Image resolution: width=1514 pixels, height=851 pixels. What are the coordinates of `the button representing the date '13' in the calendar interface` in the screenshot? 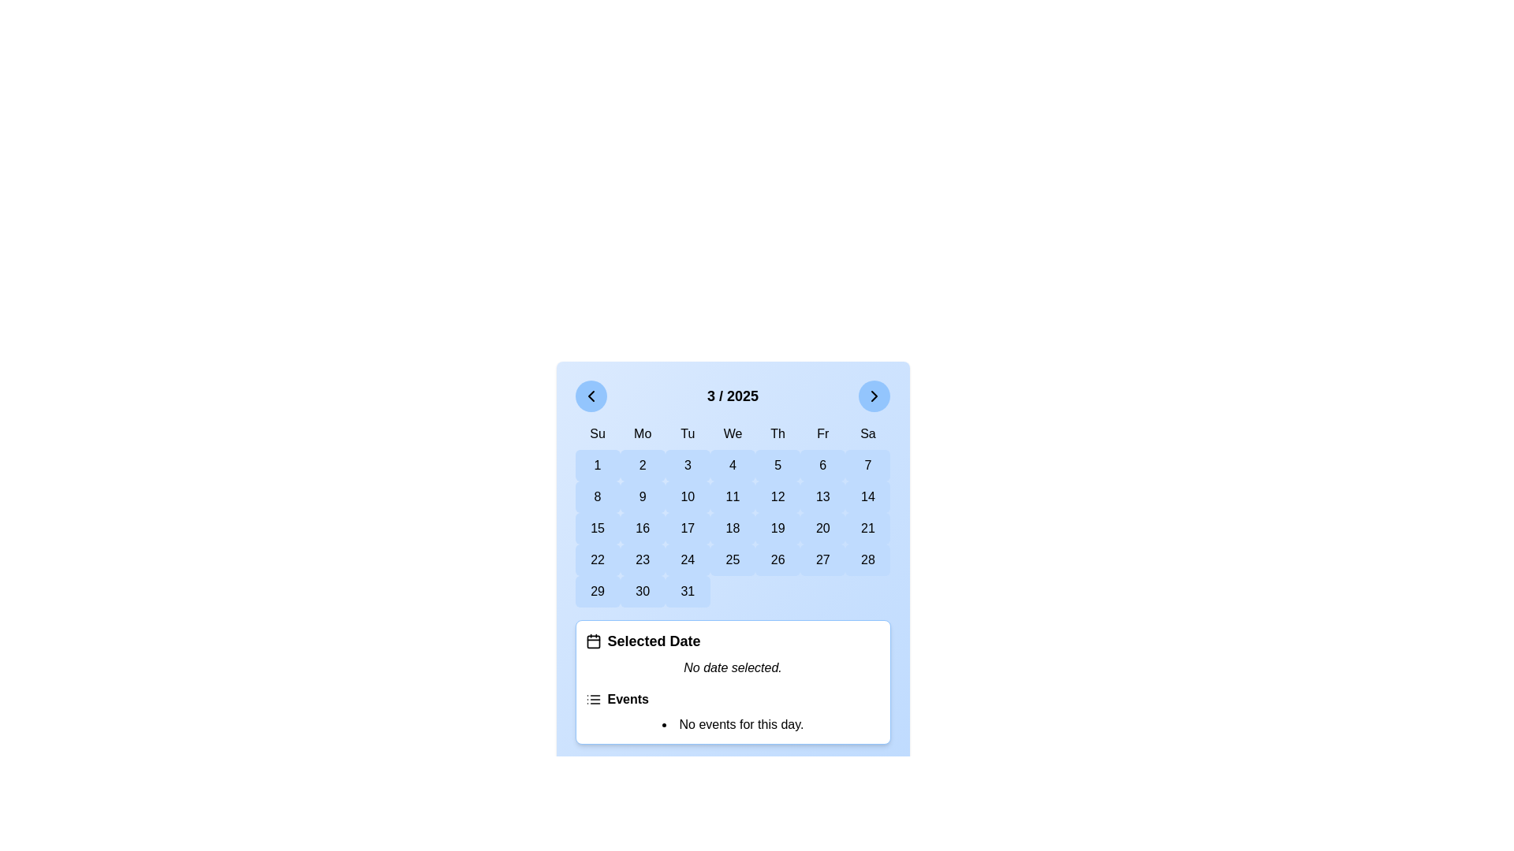 It's located at (822, 497).